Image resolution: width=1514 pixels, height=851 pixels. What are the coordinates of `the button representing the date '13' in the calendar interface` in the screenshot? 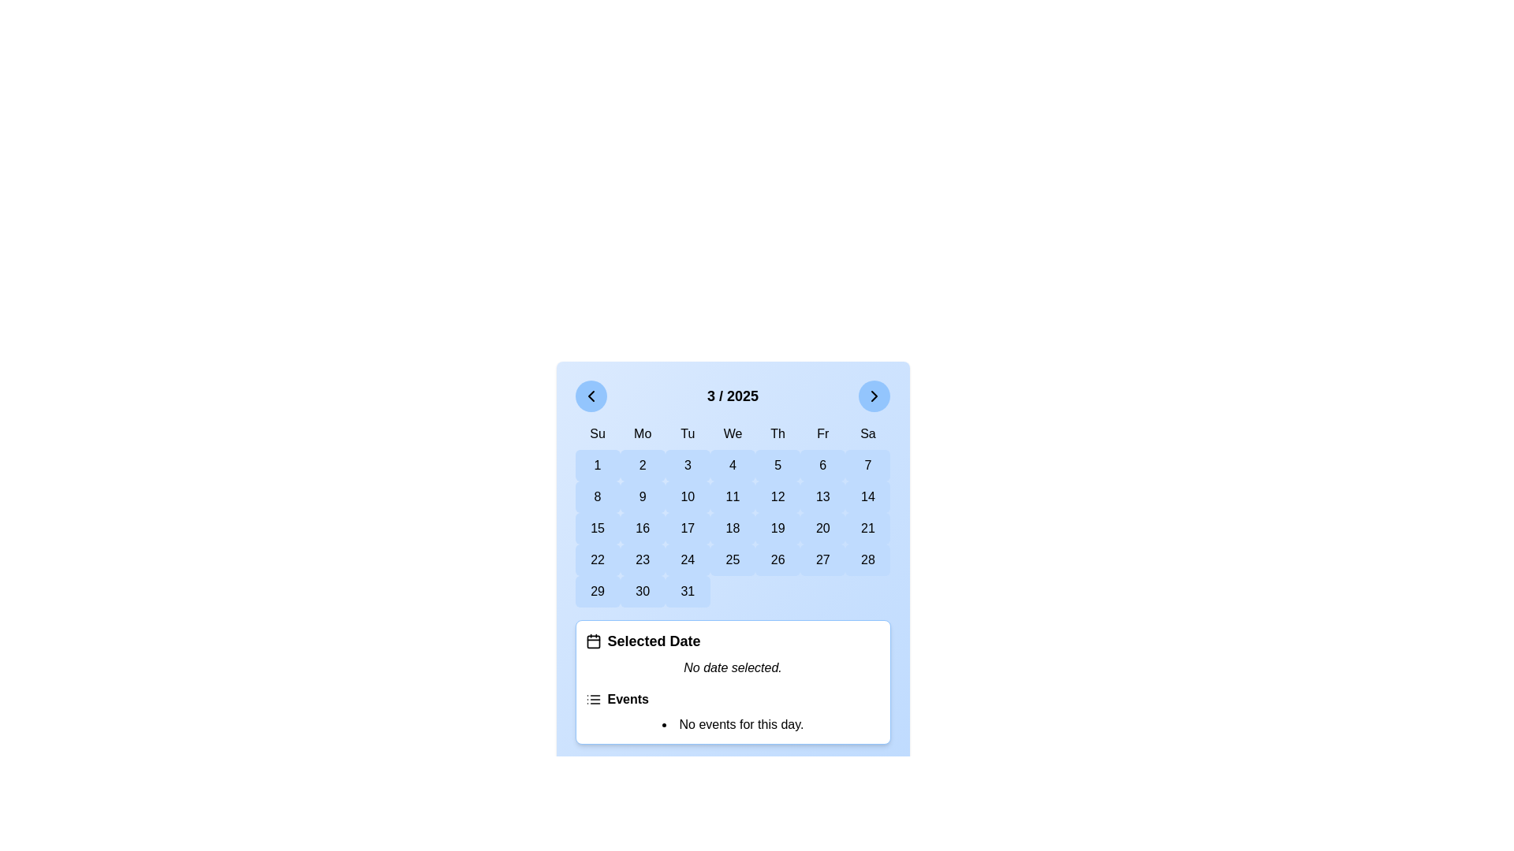 It's located at (822, 497).